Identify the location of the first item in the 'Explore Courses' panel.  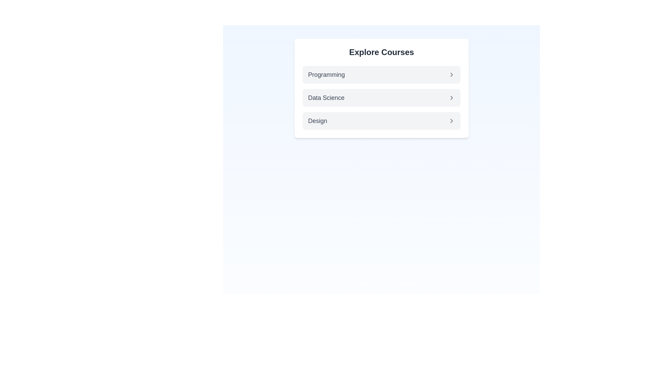
(382, 74).